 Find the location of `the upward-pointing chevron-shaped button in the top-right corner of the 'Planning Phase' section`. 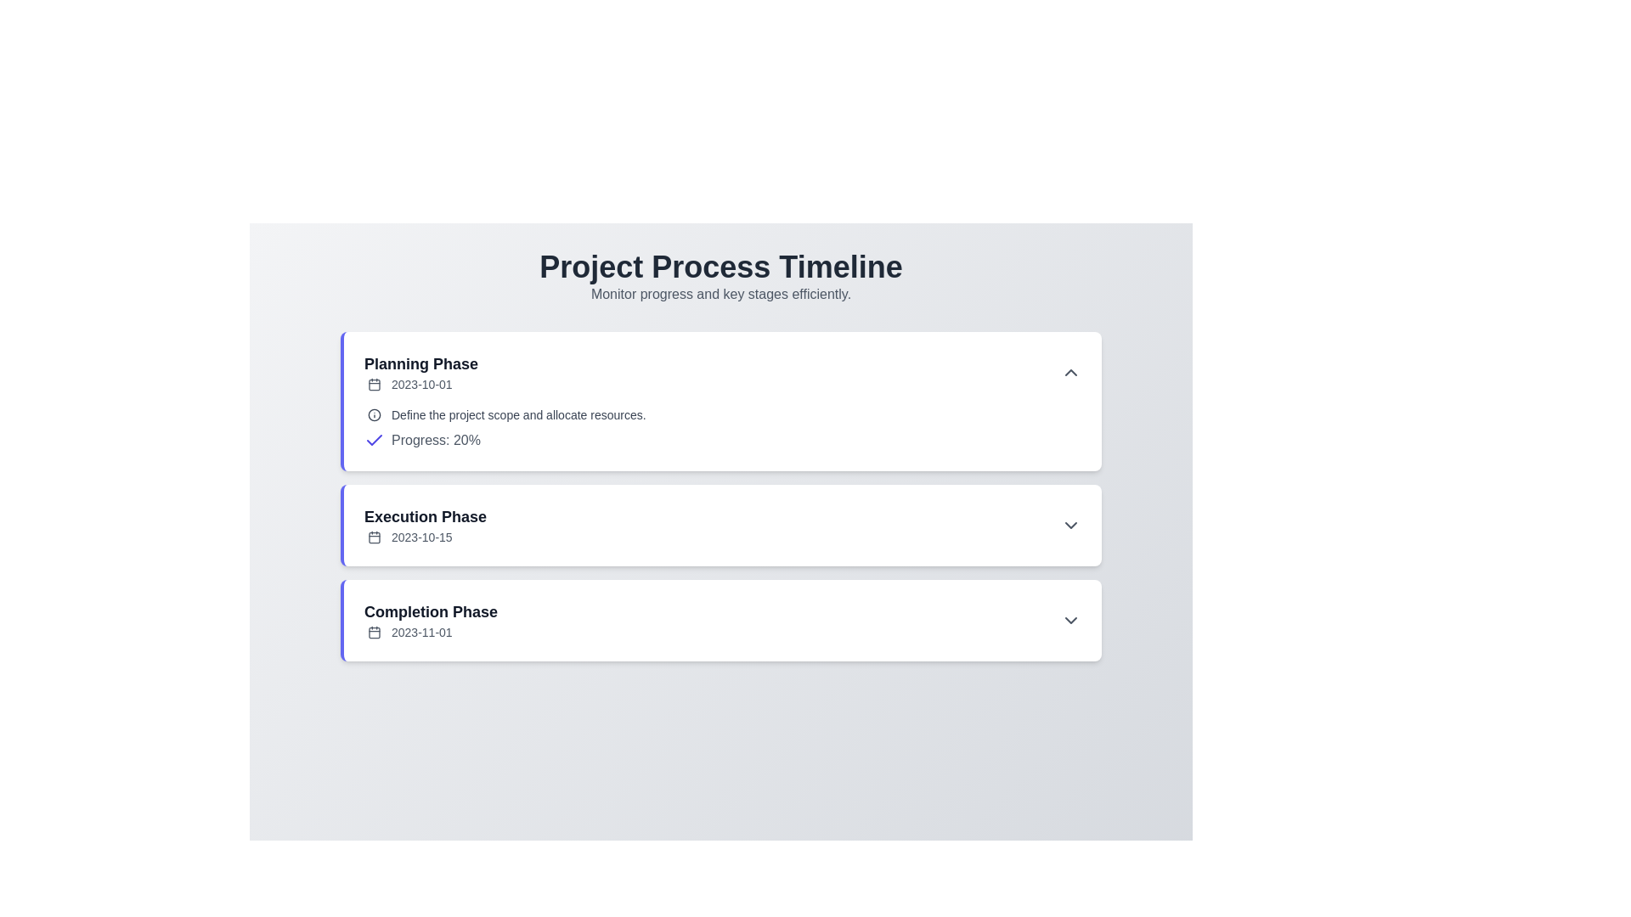

the upward-pointing chevron-shaped button in the top-right corner of the 'Planning Phase' section is located at coordinates (1070, 372).